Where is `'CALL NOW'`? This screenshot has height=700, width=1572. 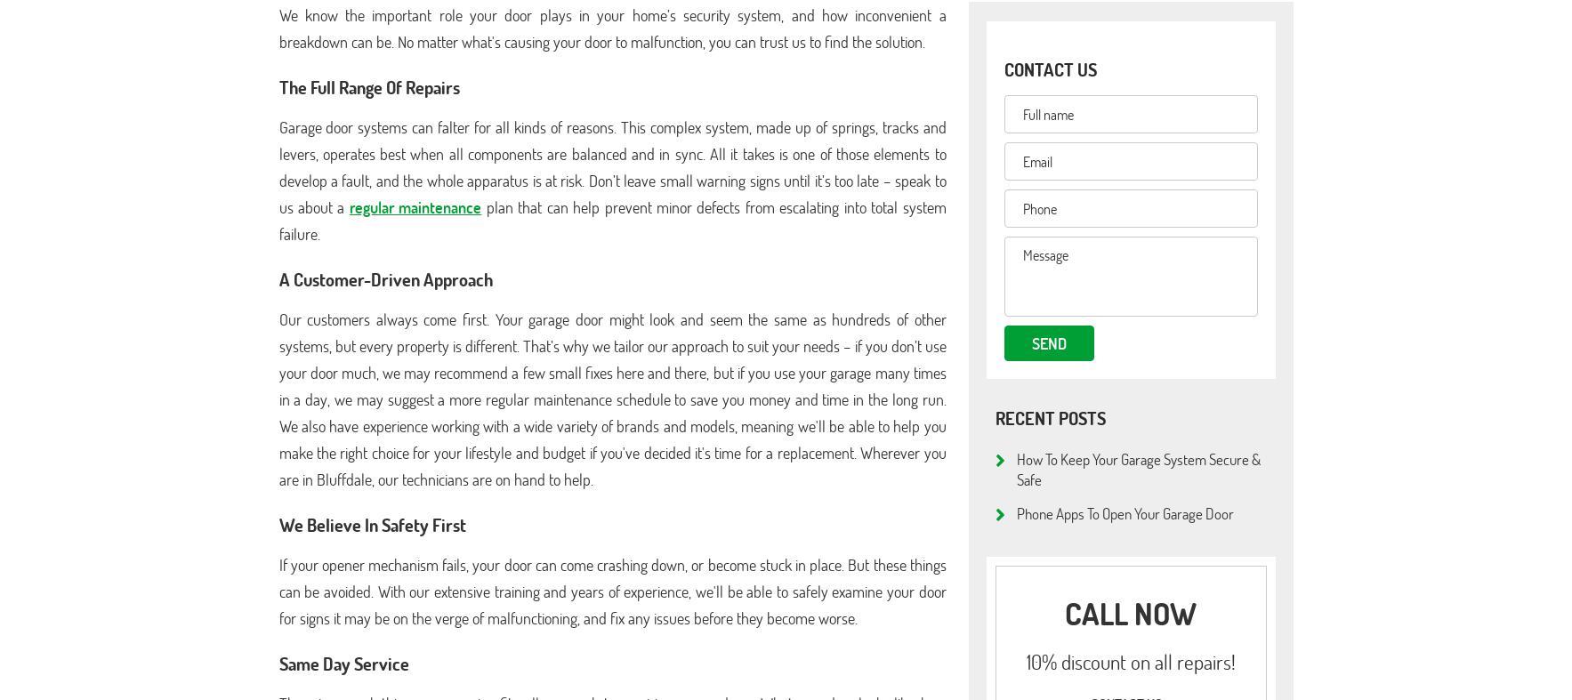 'CALL NOW' is located at coordinates (1130, 612).